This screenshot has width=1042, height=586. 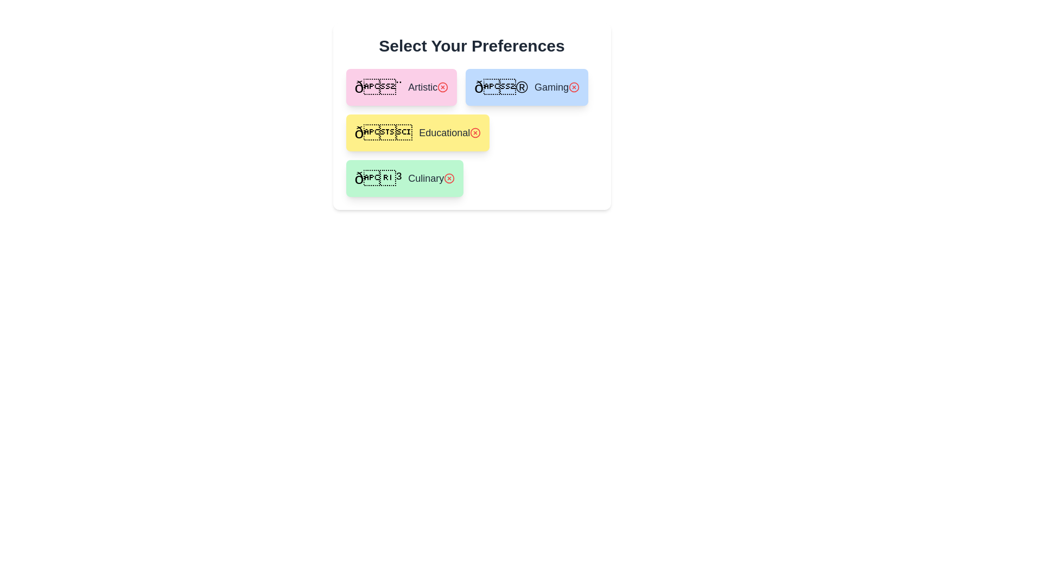 I want to click on remove button for the preference labeled Educational, so click(x=475, y=132).